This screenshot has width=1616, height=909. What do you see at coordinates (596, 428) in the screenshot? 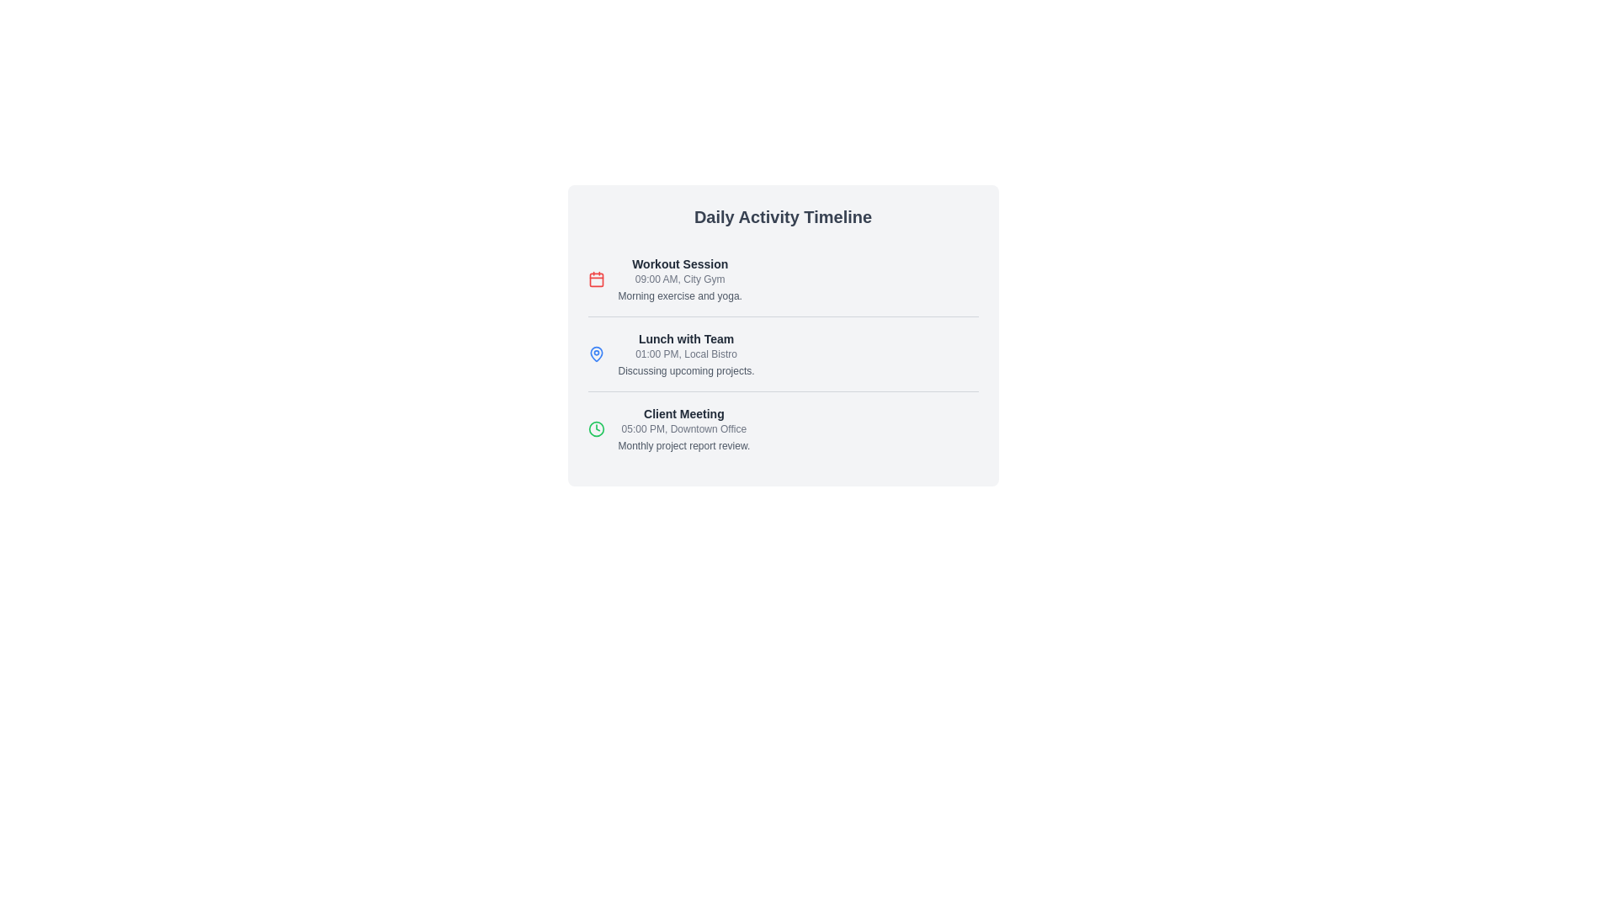
I see `the small circular clock icon with a green outline and a black clock face, which is positioned to the left of the text '05:00 PM, Downtown Office' in the third item of the 'Daily Activity Timeline' list` at bounding box center [596, 428].